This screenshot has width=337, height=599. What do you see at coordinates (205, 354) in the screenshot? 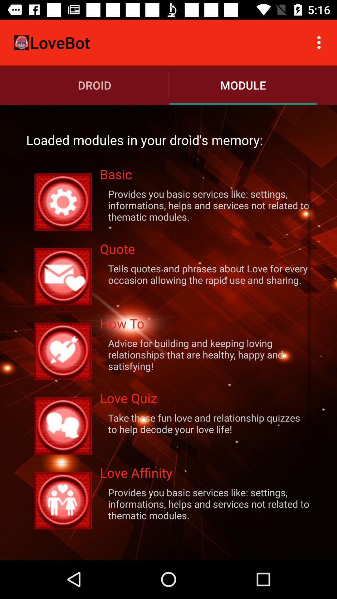
I see `the advice for building icon` at bounding box center [205, 354].